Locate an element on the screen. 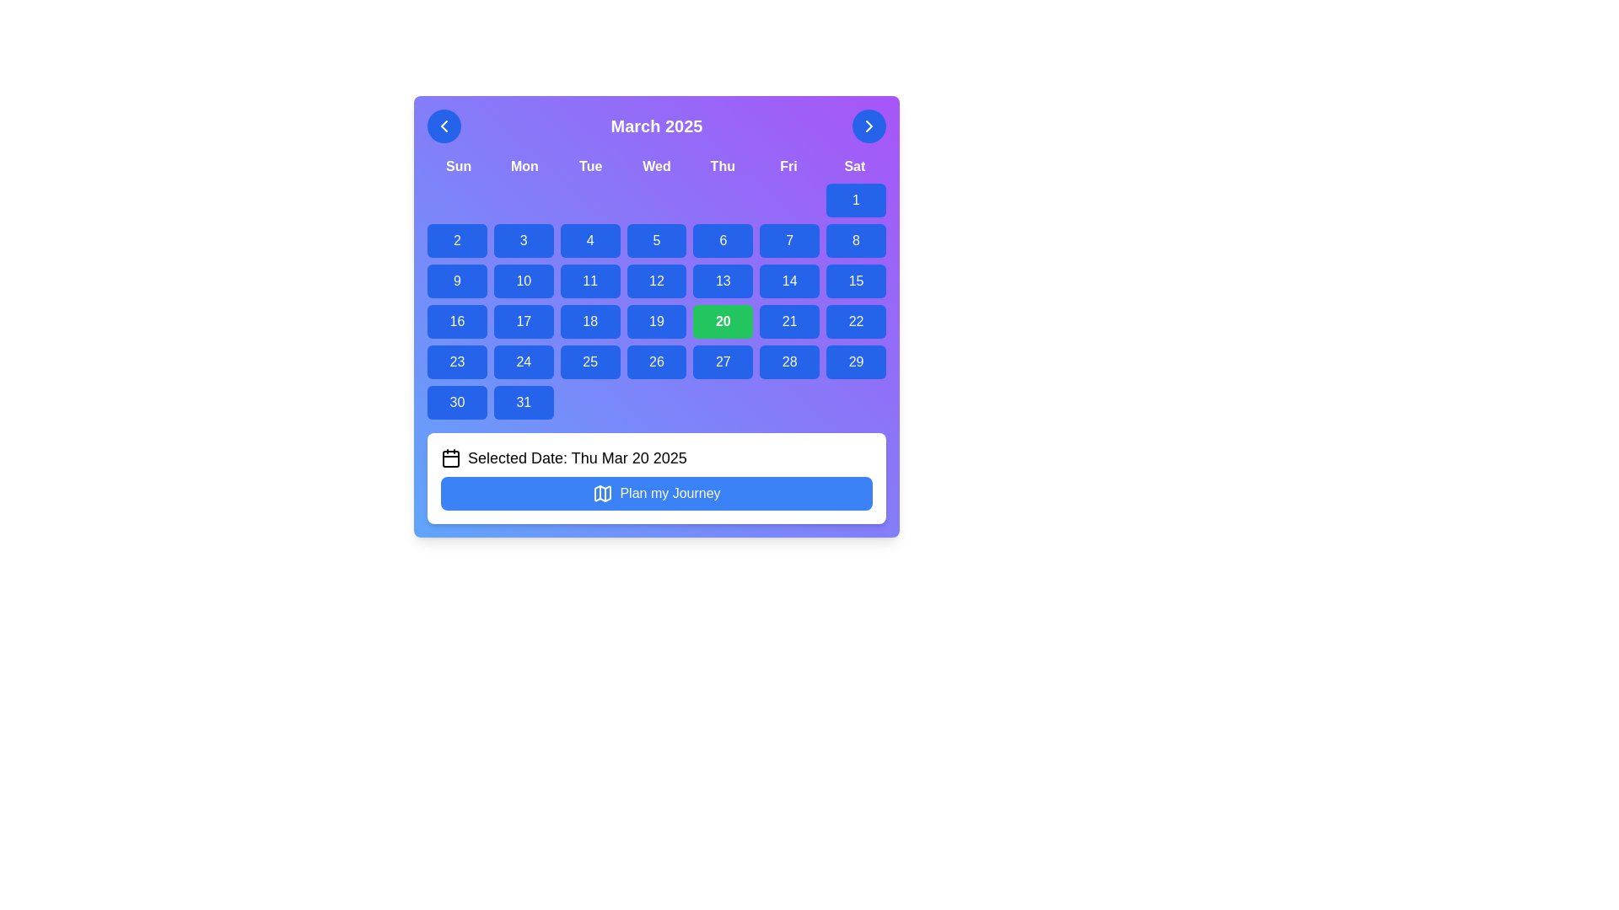 This screenshot has width=1619, height=910. the blue rounded rectangular button displaying the number '3' located in the second row and second column of the calendar grid is located at coordinates (523, 240).